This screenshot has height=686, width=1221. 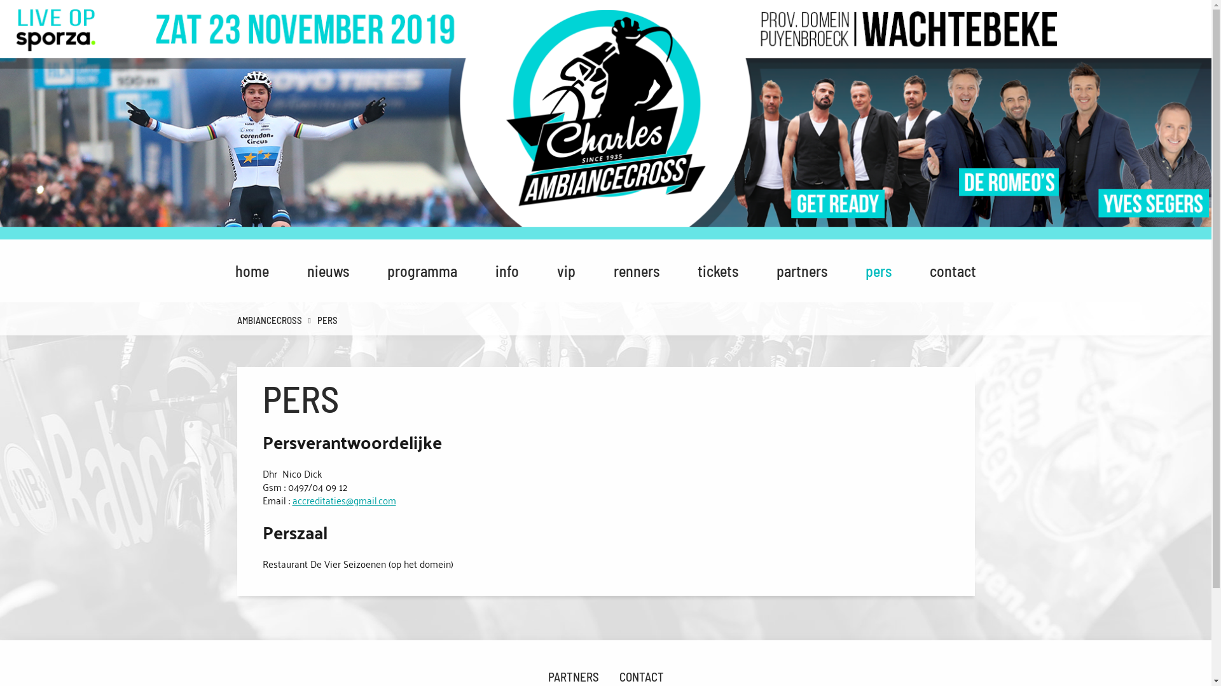 I want to click on 'programma', so click(x=377, y=270).